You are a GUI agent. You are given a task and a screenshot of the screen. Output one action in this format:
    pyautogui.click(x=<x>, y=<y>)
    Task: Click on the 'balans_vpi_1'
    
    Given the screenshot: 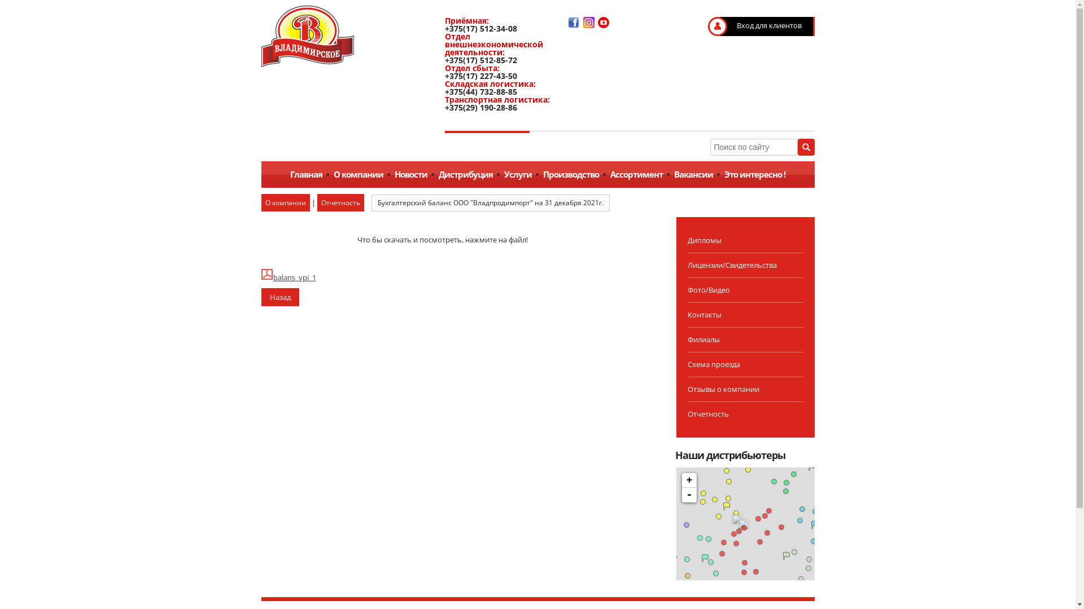 What is the action you would take?
    pyautogui.click(x=260, y=277)
    